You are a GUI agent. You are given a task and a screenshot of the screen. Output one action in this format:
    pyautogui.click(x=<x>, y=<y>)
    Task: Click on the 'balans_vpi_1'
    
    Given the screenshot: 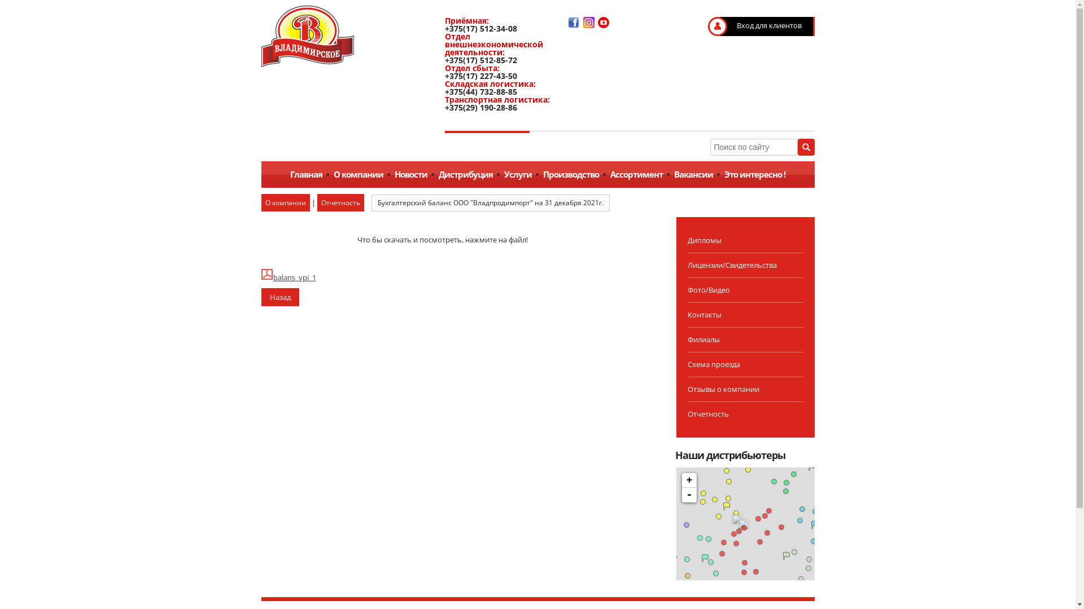 What is the action you would take?
    pyautogui.click(x=260, y=277)
    